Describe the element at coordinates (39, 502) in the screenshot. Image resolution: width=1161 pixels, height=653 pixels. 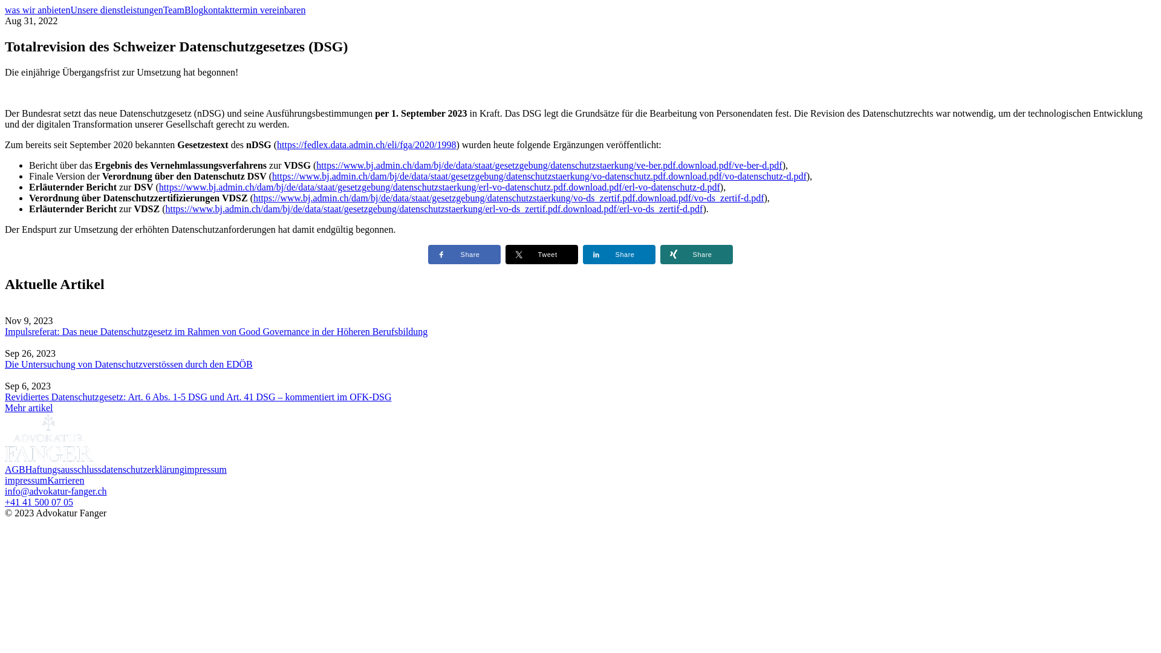
I see `'+41 41 500 07 05'` at that location.